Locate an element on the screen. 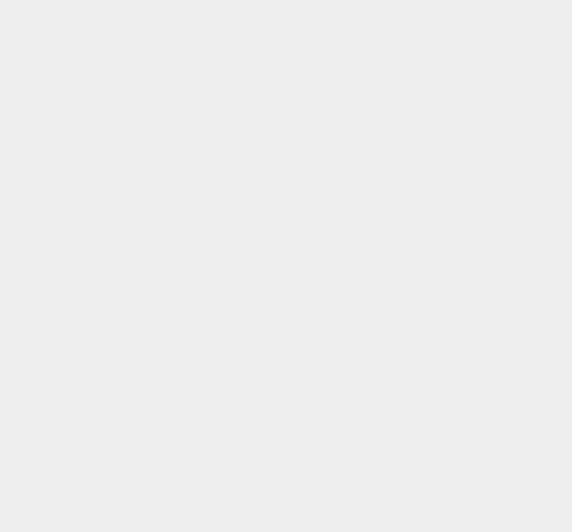 Image resolution: width=572 pixels, height=532 pixels. 'Meego' is located at coordinates (414, 178).